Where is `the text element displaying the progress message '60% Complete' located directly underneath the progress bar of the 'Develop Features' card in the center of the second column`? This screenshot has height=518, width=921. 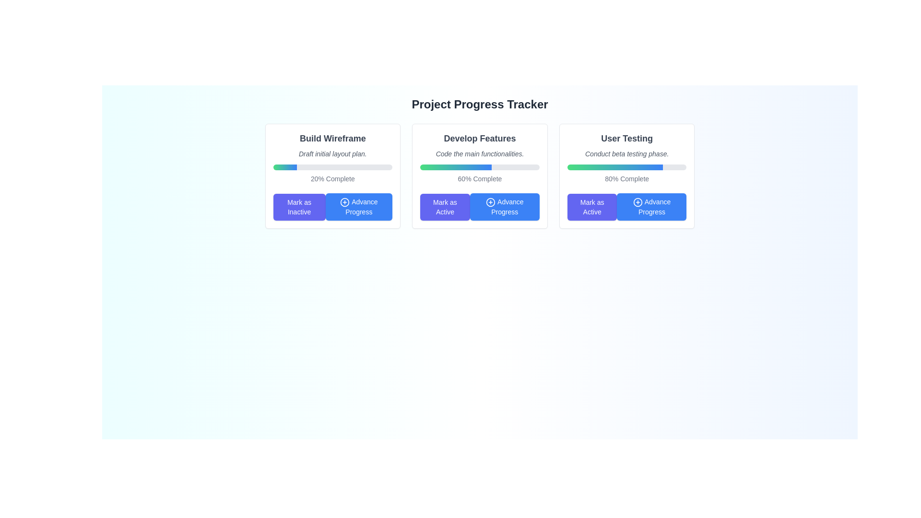
the text element displaying the progress message '60% Complete' located directly underneath the progress bar of the 'Develop Features' card in the center of the second column is located at coordinates (480, 179).